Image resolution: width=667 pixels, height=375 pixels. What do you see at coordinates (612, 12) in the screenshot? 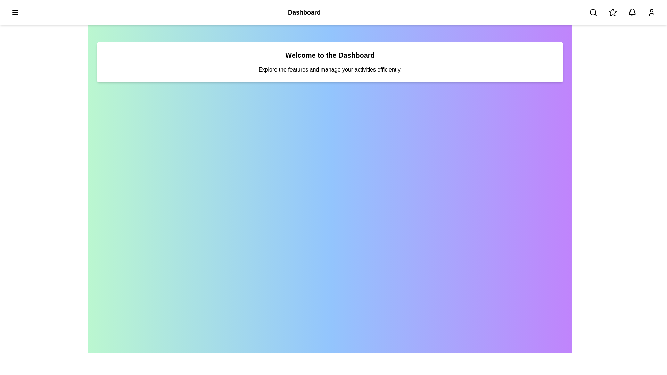
I see `the star button to interact with it` at bounding box center [612, 12].